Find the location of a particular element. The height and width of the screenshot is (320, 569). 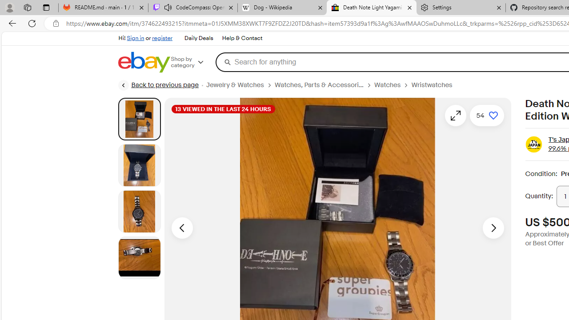

'Picture 4 of 4' is located at coordinates (139, 257).